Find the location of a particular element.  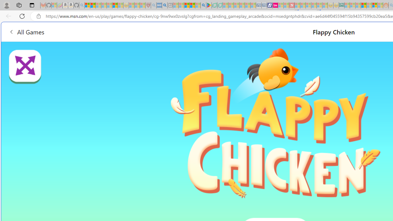

'utah sues federal government - Search' is located at coordinates (165, 5).